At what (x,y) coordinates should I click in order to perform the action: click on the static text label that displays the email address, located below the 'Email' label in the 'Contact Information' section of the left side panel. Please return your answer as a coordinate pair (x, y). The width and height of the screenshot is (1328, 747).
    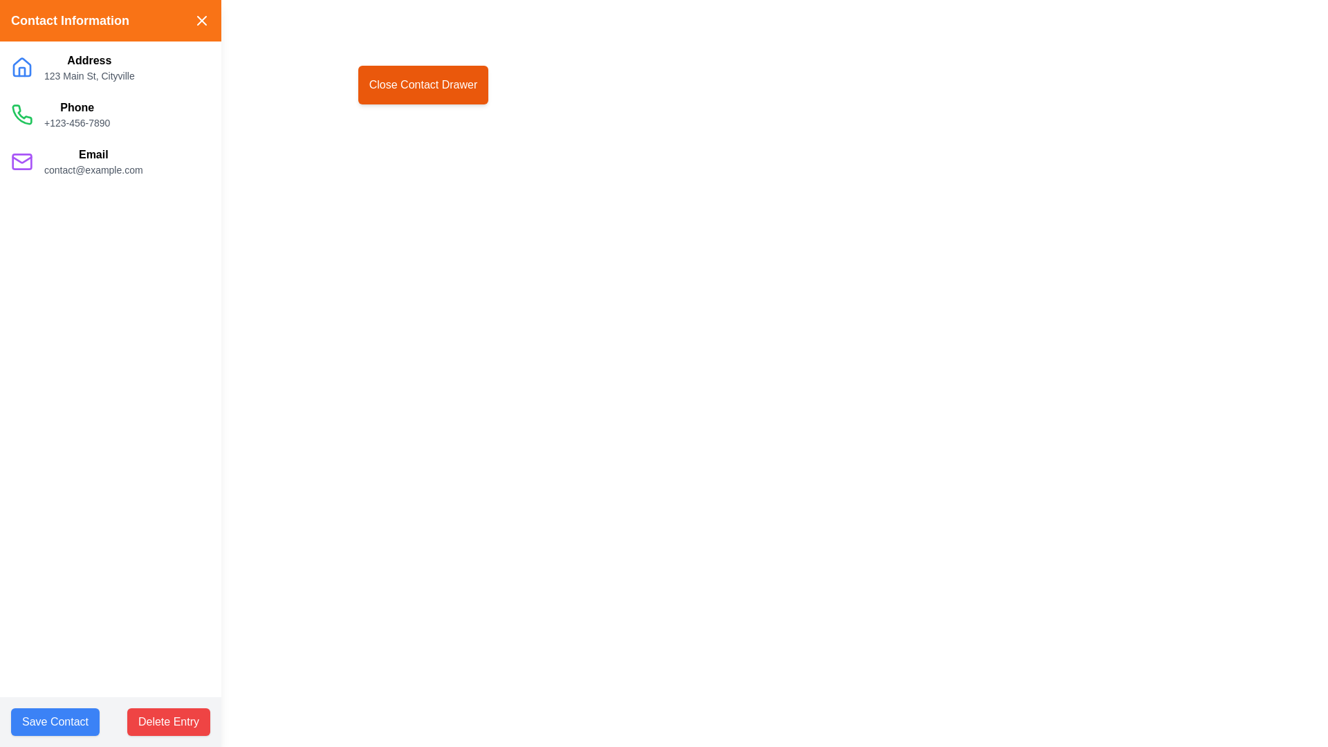
    Looking at the image, I should click on (93, 169).